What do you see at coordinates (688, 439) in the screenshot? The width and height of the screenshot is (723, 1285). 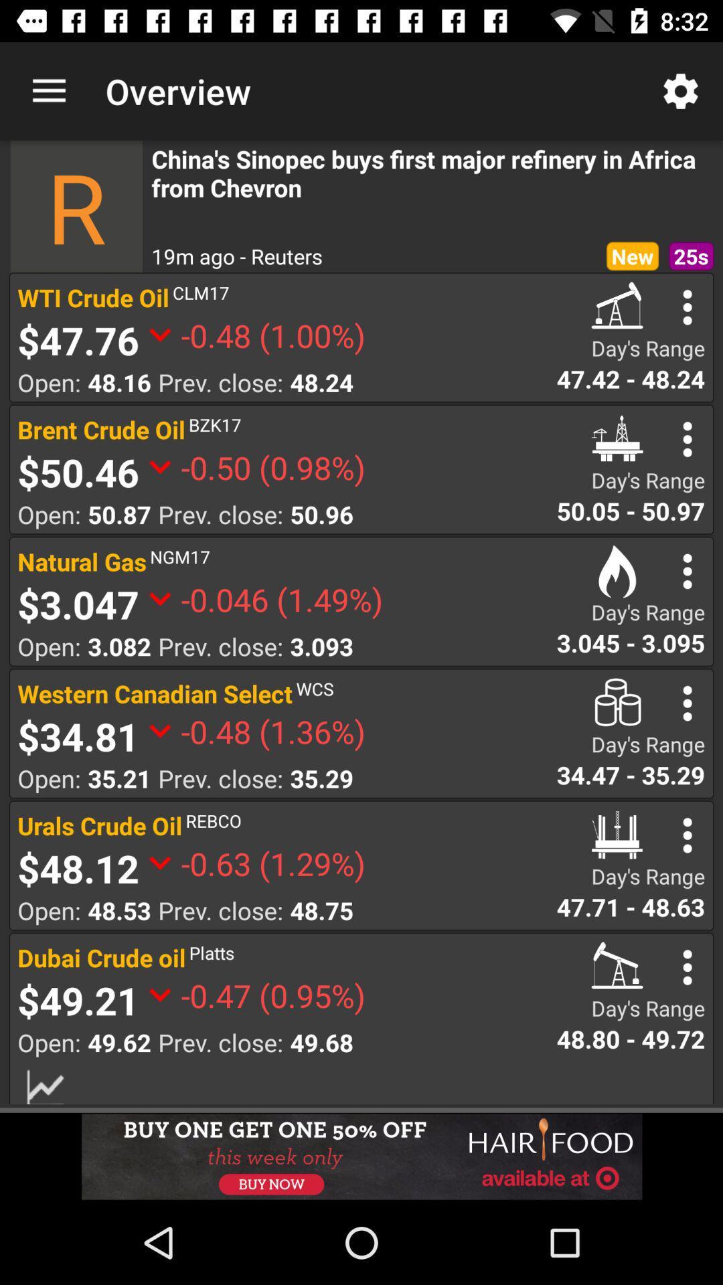 I see `options` at bounding box center [688, 439].